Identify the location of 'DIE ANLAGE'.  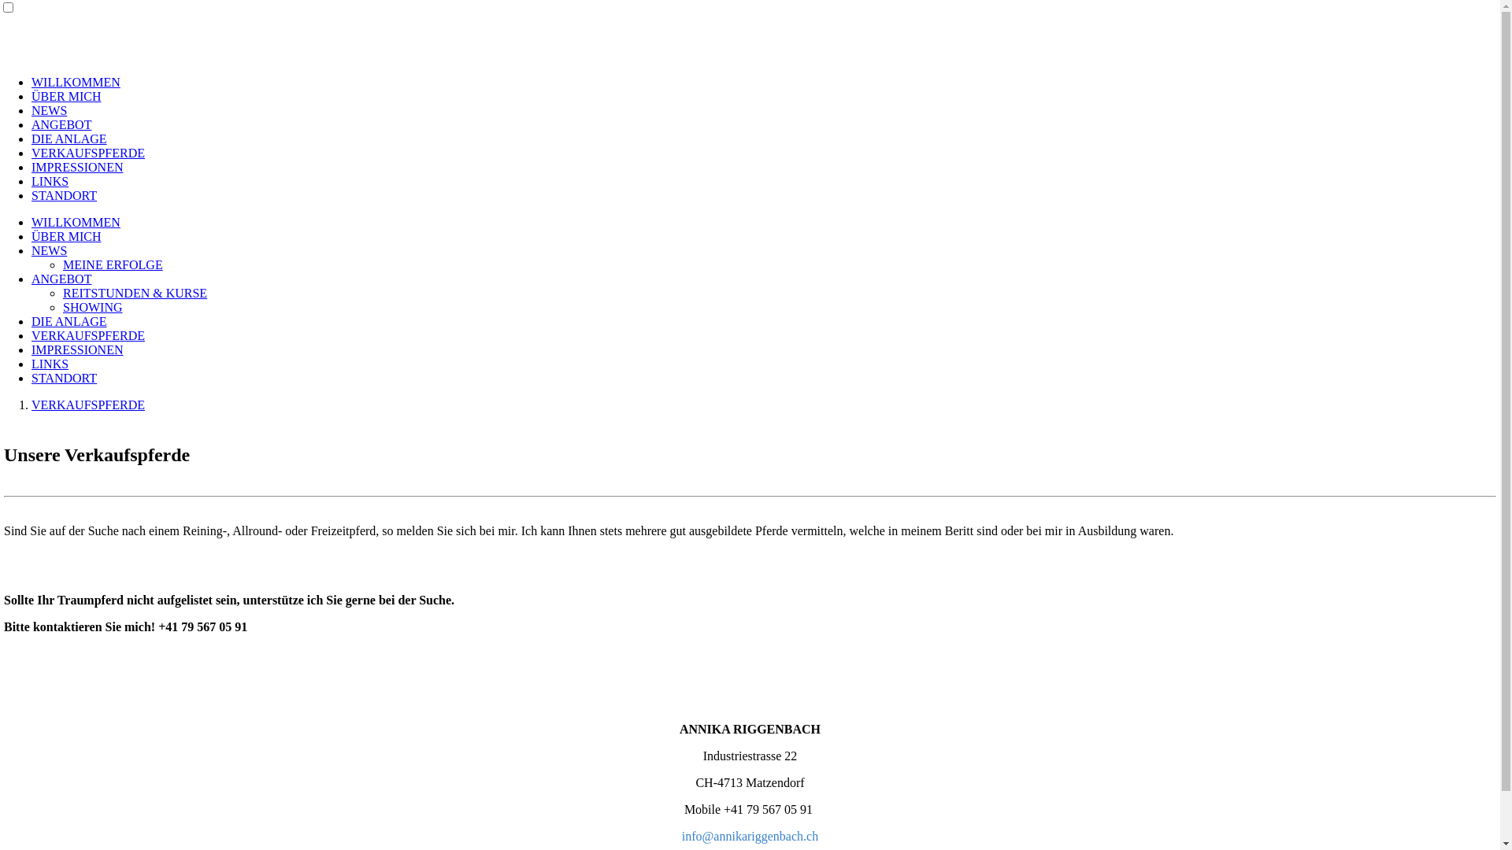
(31, 138).